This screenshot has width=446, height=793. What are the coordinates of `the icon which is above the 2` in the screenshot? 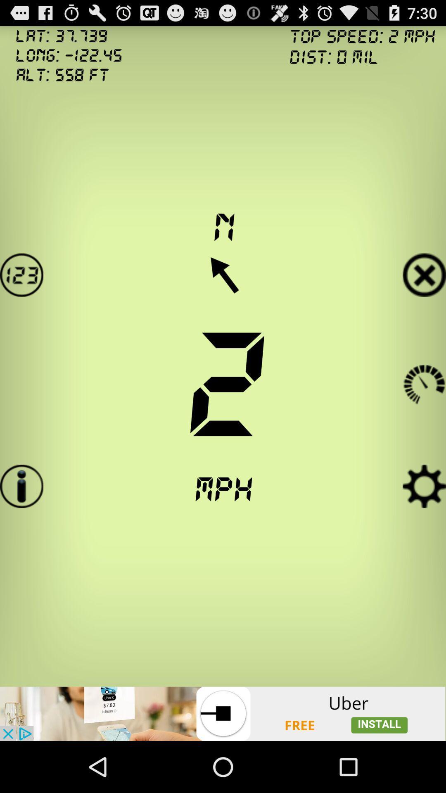 It's located at (223, 275).